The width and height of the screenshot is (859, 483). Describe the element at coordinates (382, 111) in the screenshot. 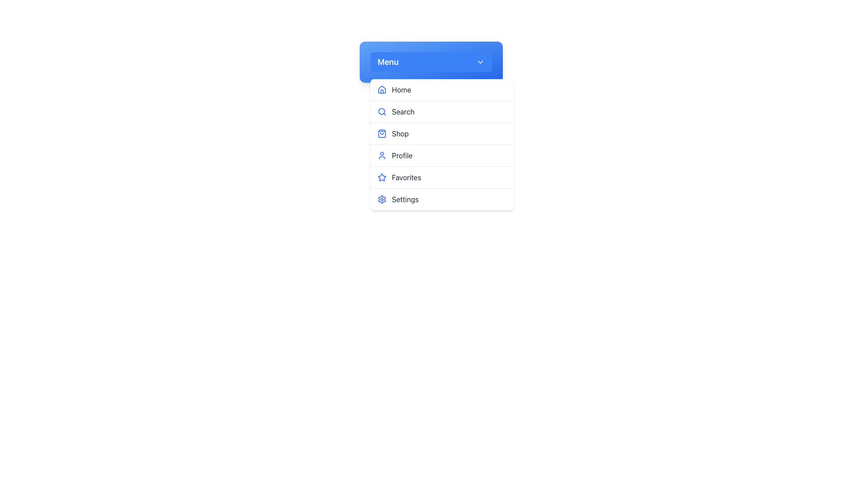

I see `the magnifying glass icon located to the left of the 'Search' text in the second row entry of the dropdown menu under the 'Menu' heading` at that location.